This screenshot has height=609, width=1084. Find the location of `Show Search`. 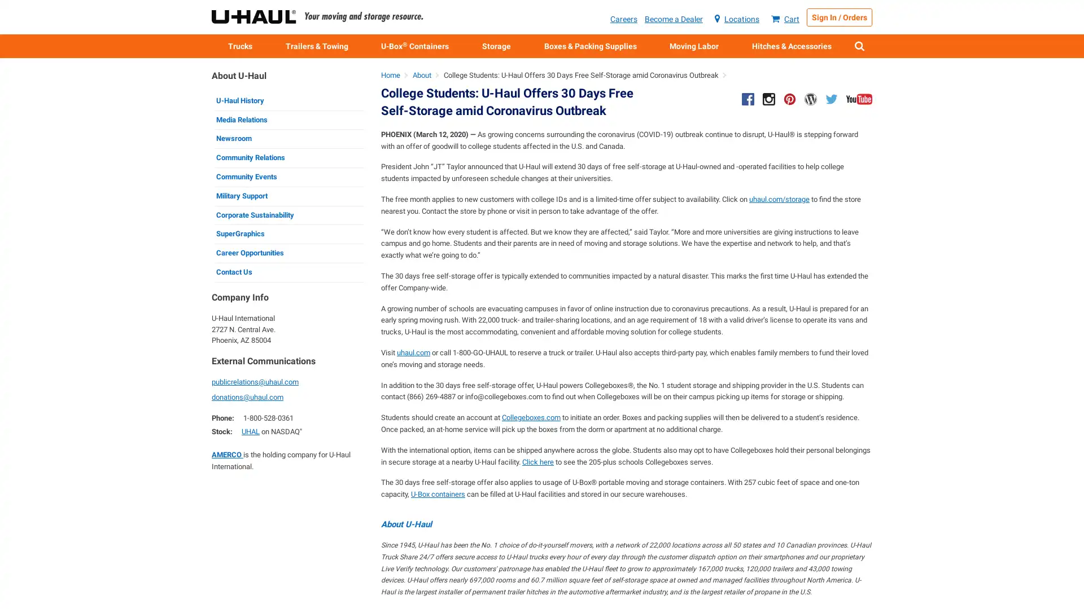

Show Search is located at coordinates (859, 45).